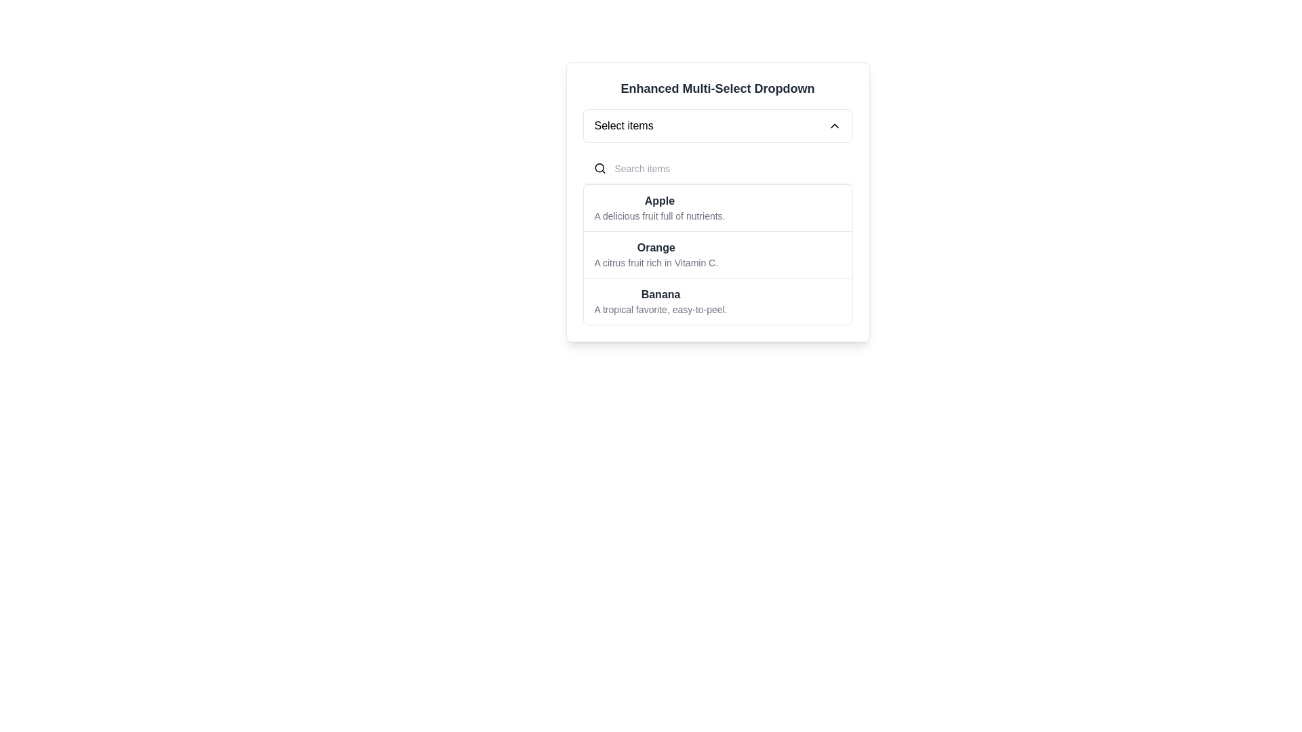  Describe the element at coordinates (660, 201) in the screenshot. I see `the Text Label that serves as the title or name of an item within the dropdown list located under the 'Search items' field` at that location.